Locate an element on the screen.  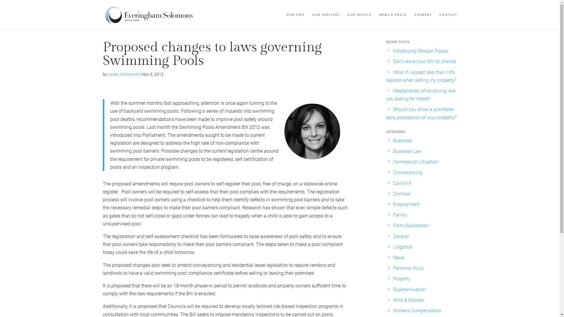
'Commercial Litigation' is located at coordinates (415, 162).